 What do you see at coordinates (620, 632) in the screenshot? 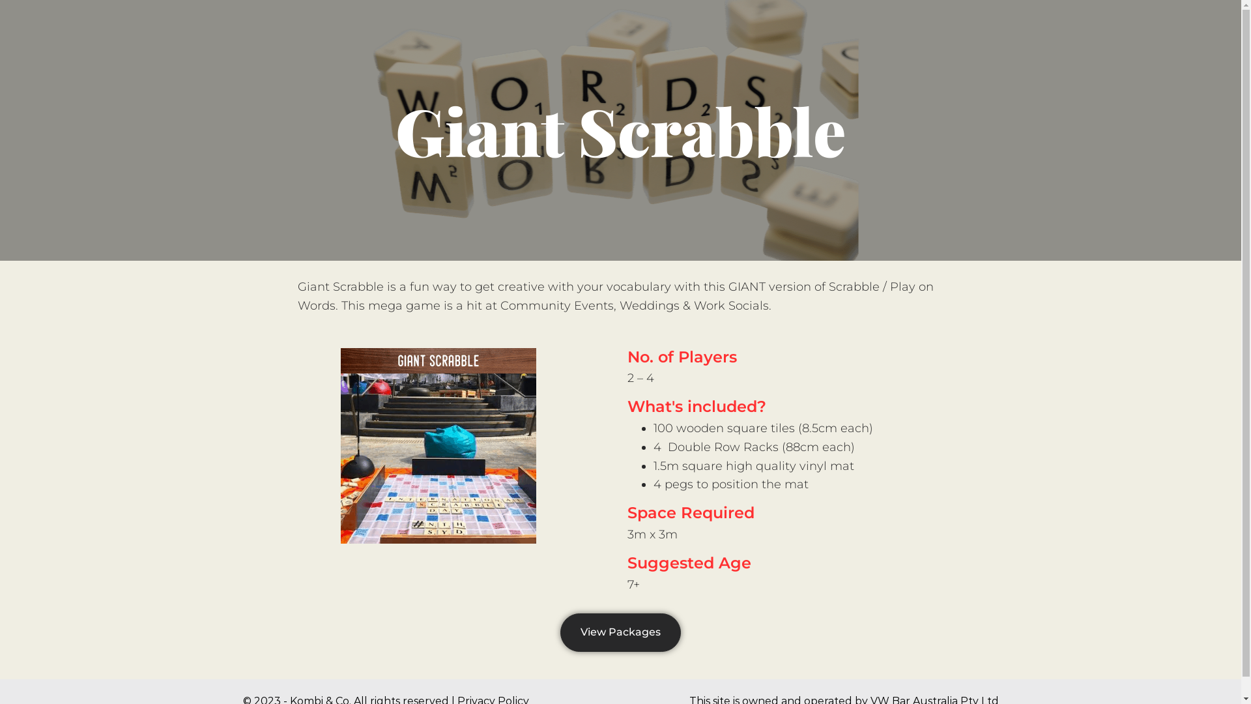
I see `'View Packages'` at bounding box center [620, 632].